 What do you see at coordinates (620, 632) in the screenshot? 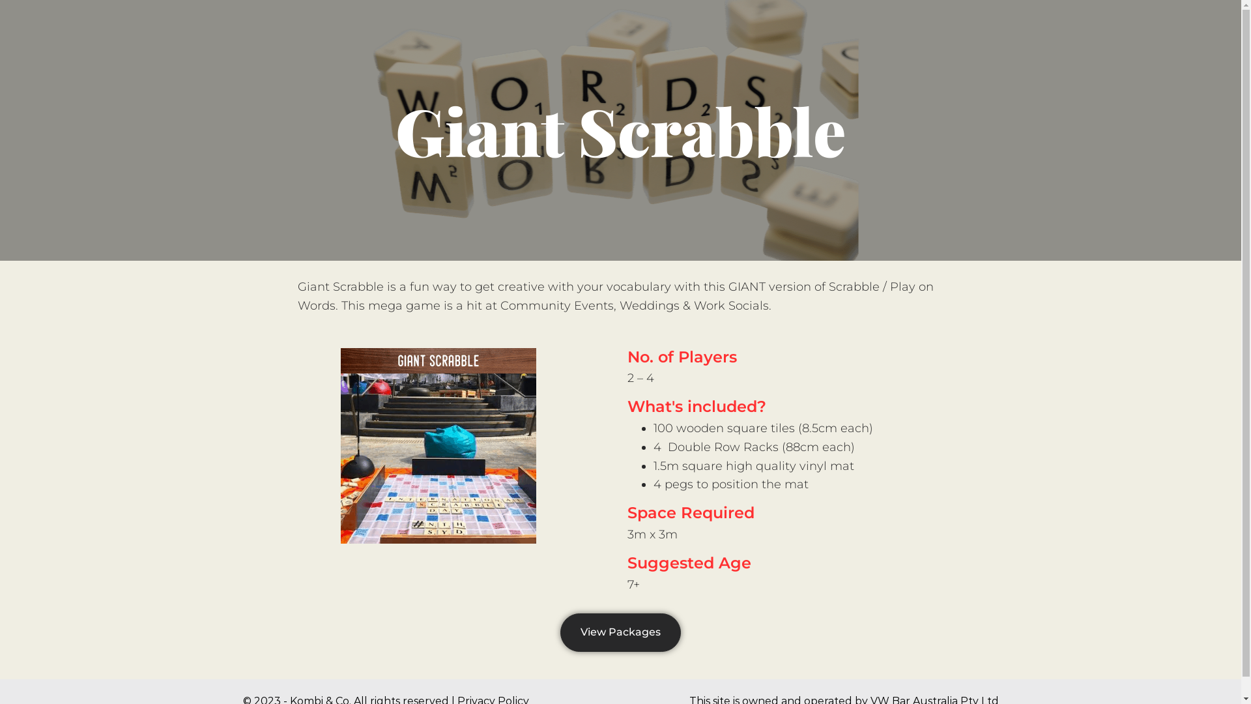
I see `'View Packages'` at bounding box center [620, 632].